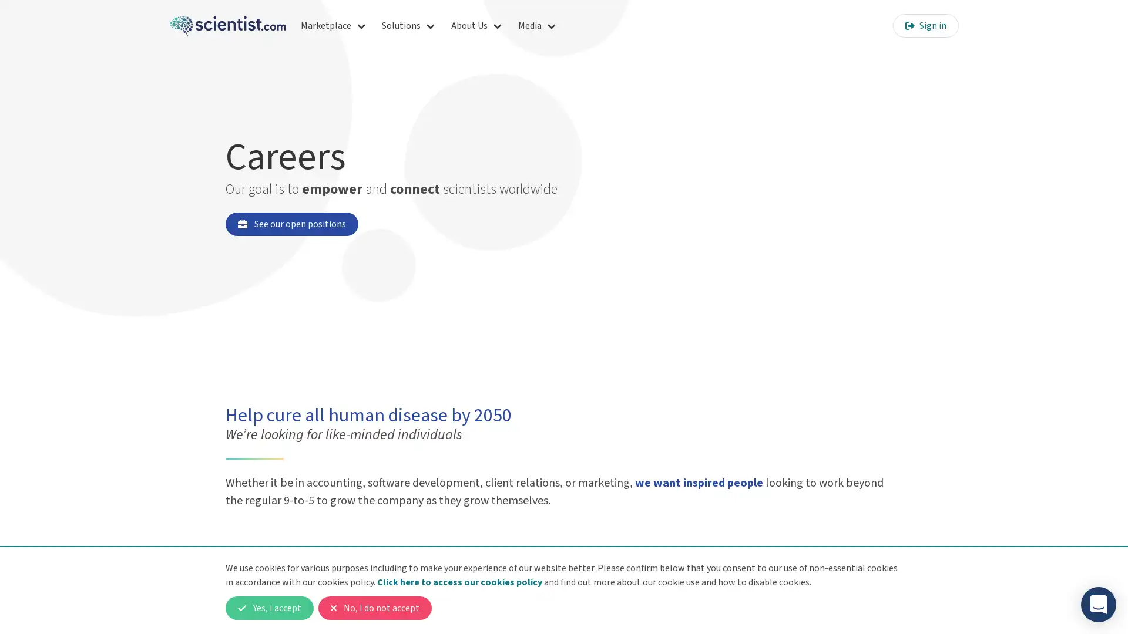 The height and width of the screenshot is (634, 1128). I want to click on Sign in, so click(925, 25).